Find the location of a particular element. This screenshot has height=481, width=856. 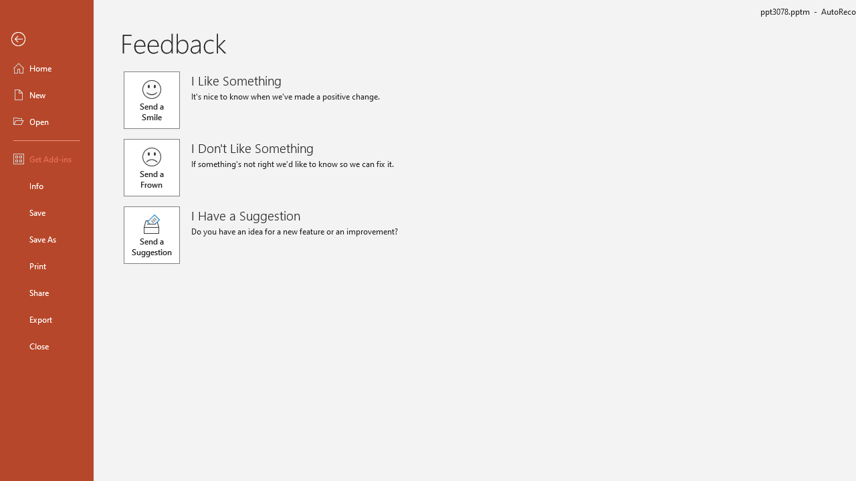

'Info' is located at coordinates (46, 185).